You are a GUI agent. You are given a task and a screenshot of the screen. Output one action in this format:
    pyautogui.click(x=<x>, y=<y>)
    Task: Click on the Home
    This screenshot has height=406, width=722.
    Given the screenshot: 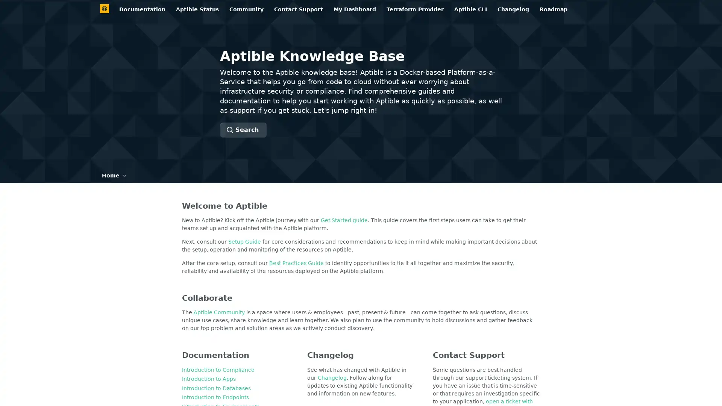 What is the action you would take?
    pyautogui.click(x=114, y=175)
    